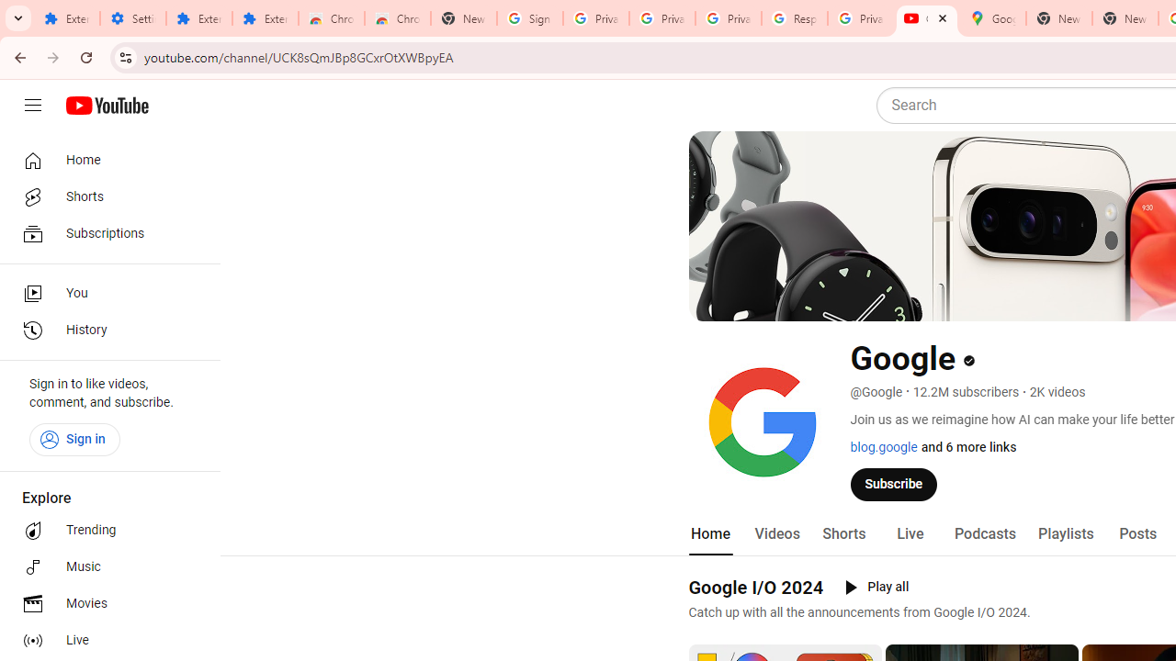 The width and height of the screenshot is (1176, 661). I want to click on 'Live', so click(103, 640).